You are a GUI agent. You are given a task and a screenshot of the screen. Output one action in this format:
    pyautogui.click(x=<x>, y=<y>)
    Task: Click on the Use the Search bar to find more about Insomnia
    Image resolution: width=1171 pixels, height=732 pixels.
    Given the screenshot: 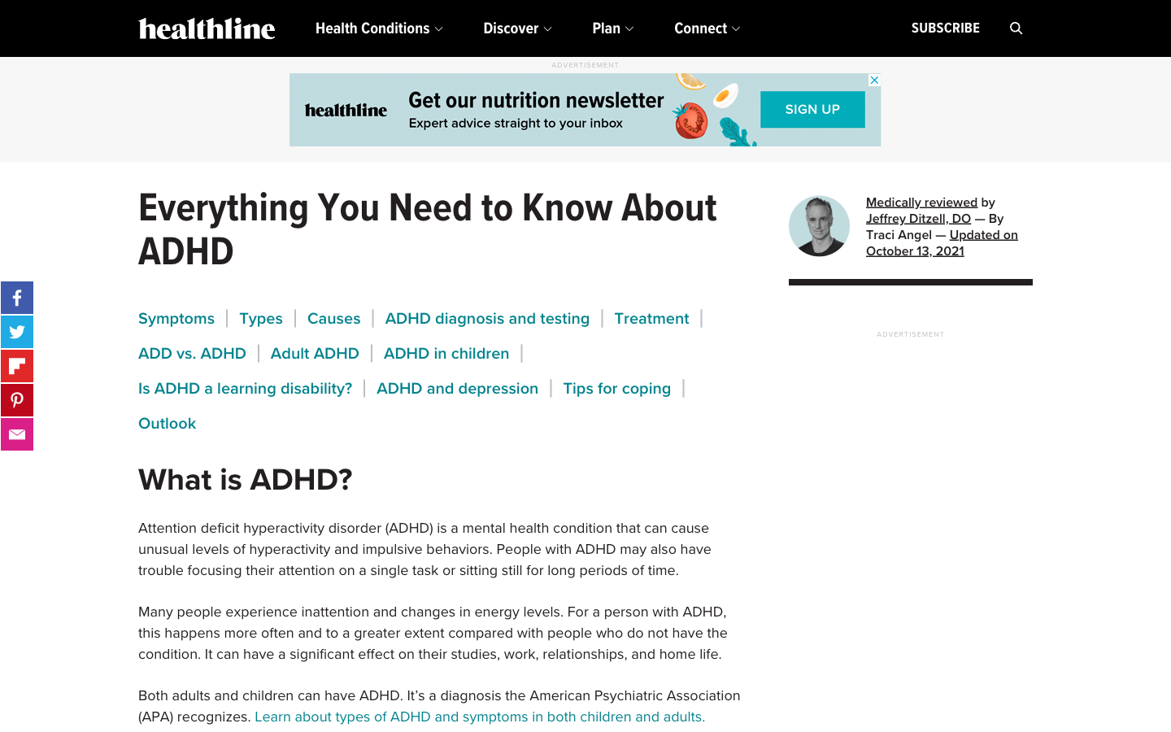 What is the action you would take?
    pyautogui.click(x=1016, y=28)
    